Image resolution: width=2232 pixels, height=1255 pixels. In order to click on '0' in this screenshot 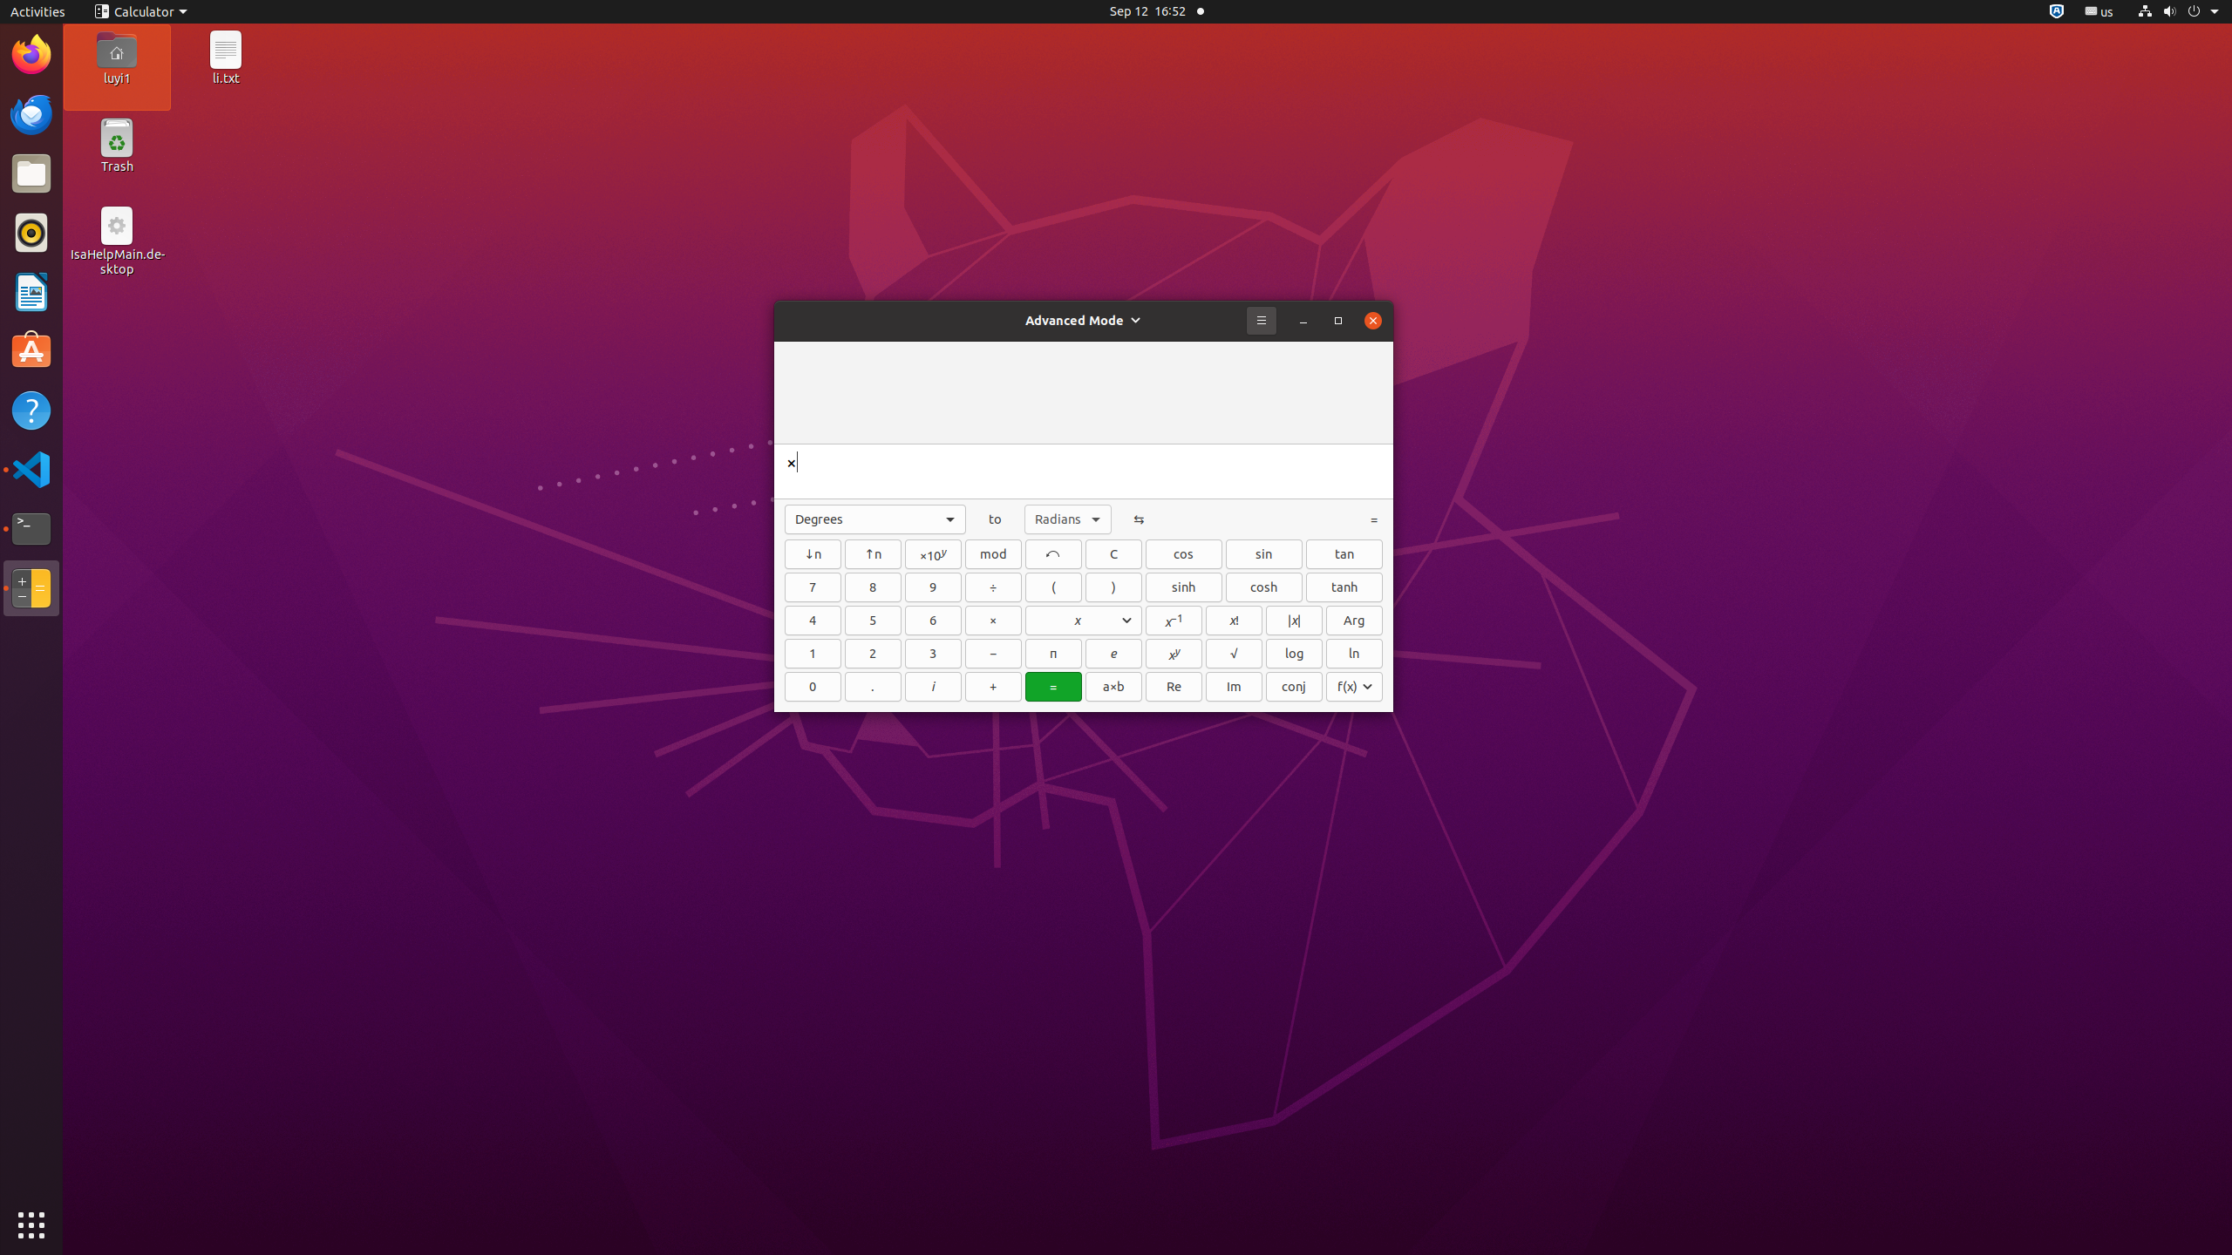, I will do `click(813, 685)`.